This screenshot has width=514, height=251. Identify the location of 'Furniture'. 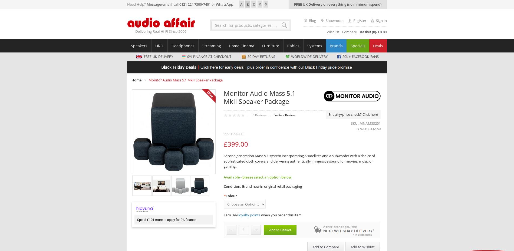
(271, 46).